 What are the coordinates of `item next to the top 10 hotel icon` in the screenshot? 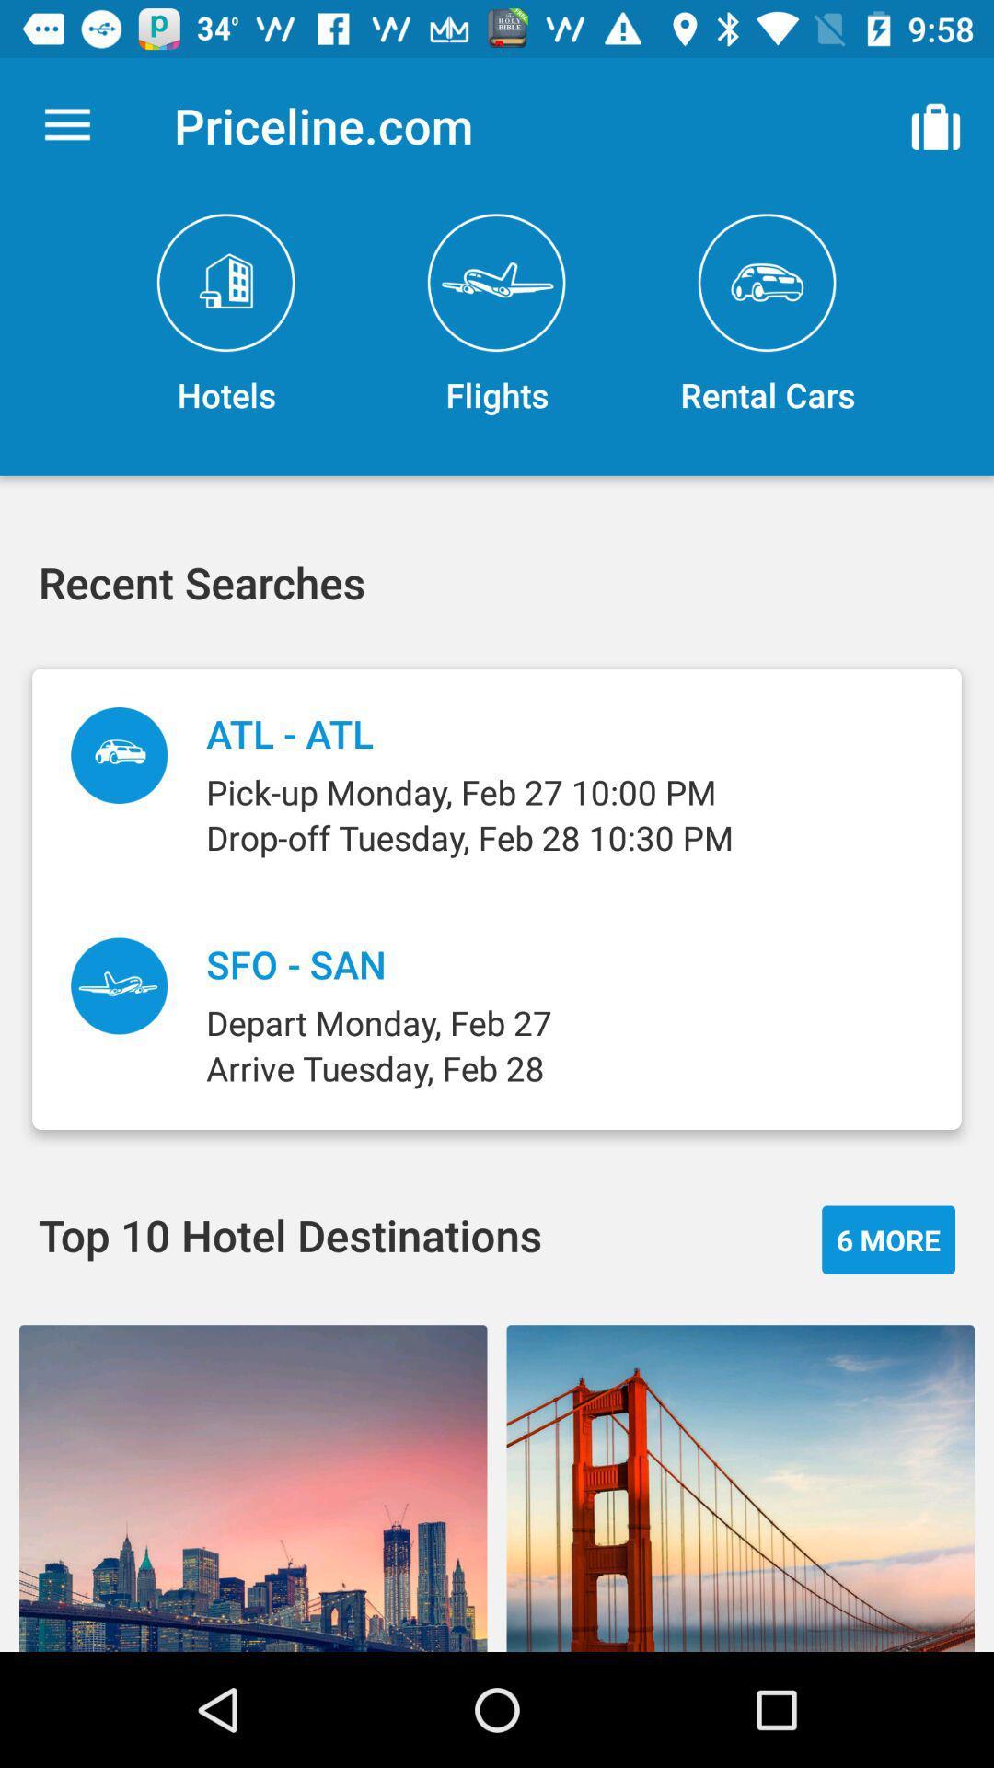 It's located at (887, 1239).